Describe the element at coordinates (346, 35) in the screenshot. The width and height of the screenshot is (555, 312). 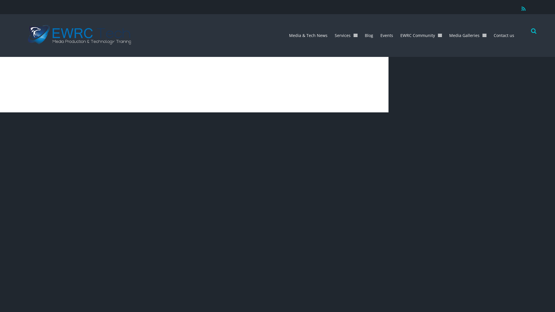
I see `'Services'` at that location.